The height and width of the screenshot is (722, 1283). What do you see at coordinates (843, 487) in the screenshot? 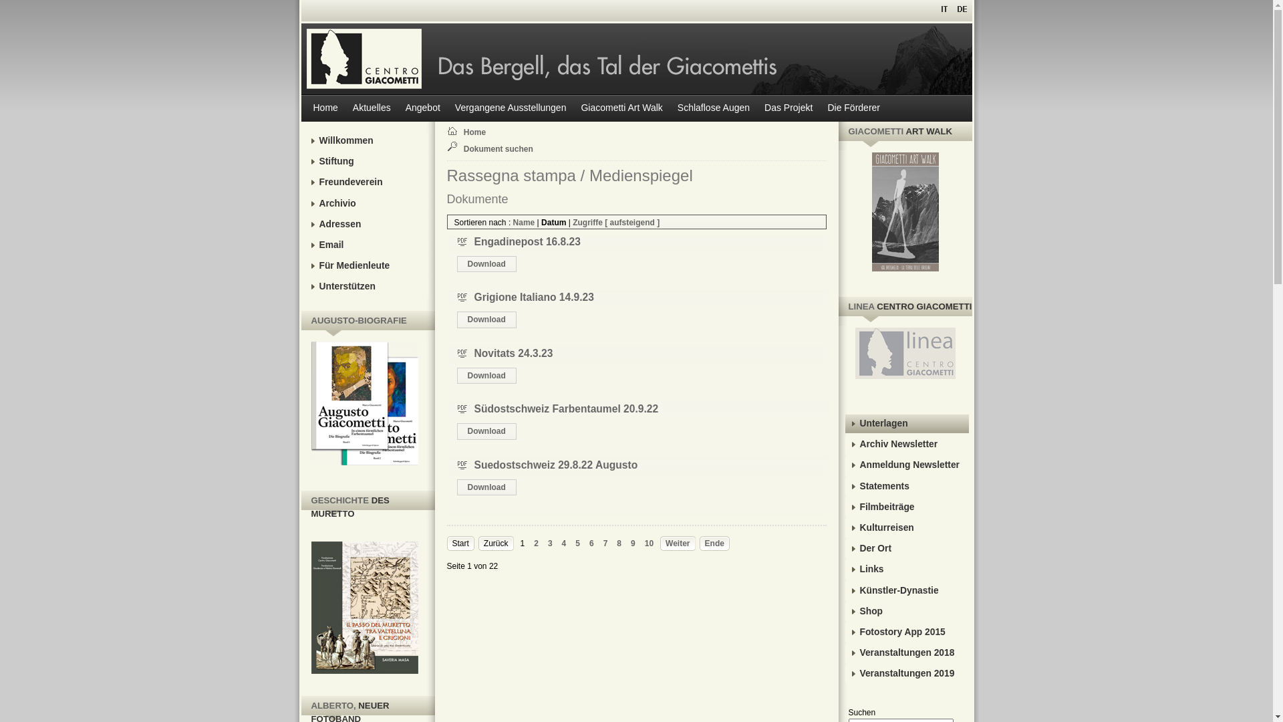
I see `'Statements'` at bounding box center [843, 487].